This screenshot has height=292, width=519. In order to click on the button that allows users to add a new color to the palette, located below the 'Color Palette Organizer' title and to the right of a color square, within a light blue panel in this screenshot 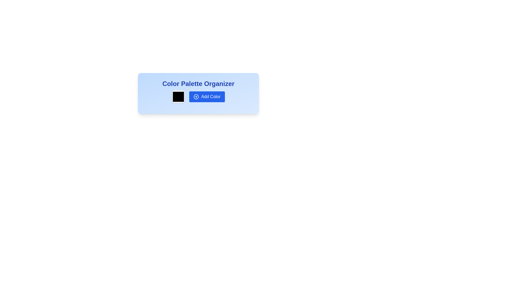, I will do `click(198, 93)`.